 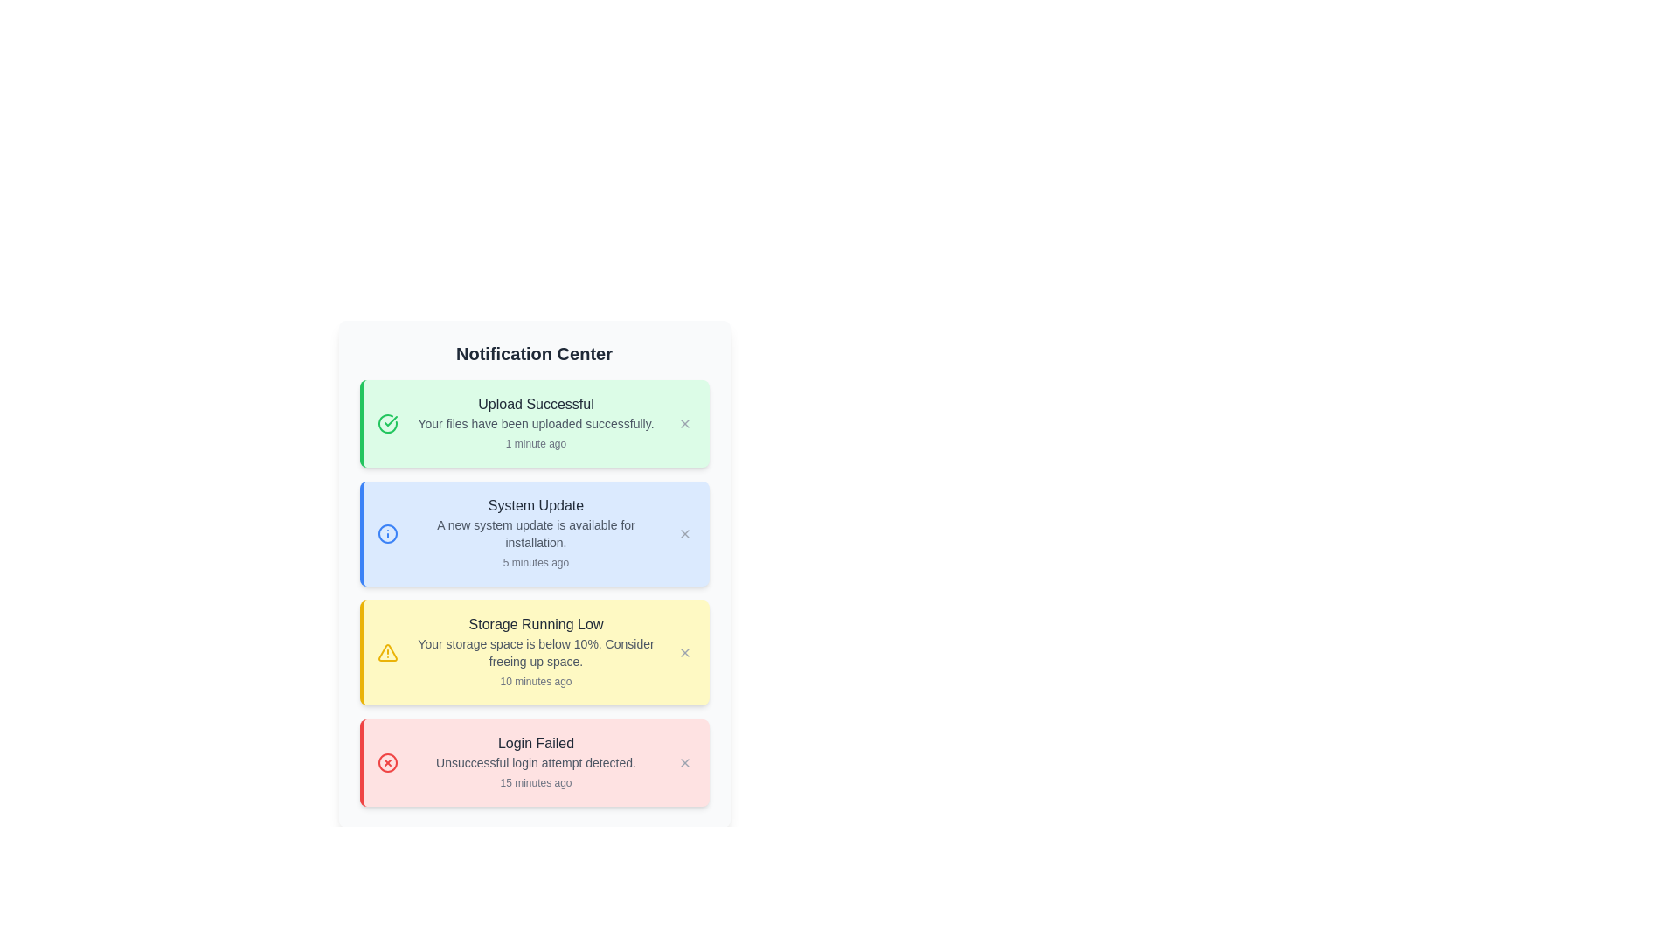 What do you see at coordinates (535, 761) in the screenshot?
I see `the text label displaying 'Unsuccessful login attempt detected.' which is located in the 'Login Failed' notification, positioned below the title 'Login Failed'` at bounding box center [535, 761].